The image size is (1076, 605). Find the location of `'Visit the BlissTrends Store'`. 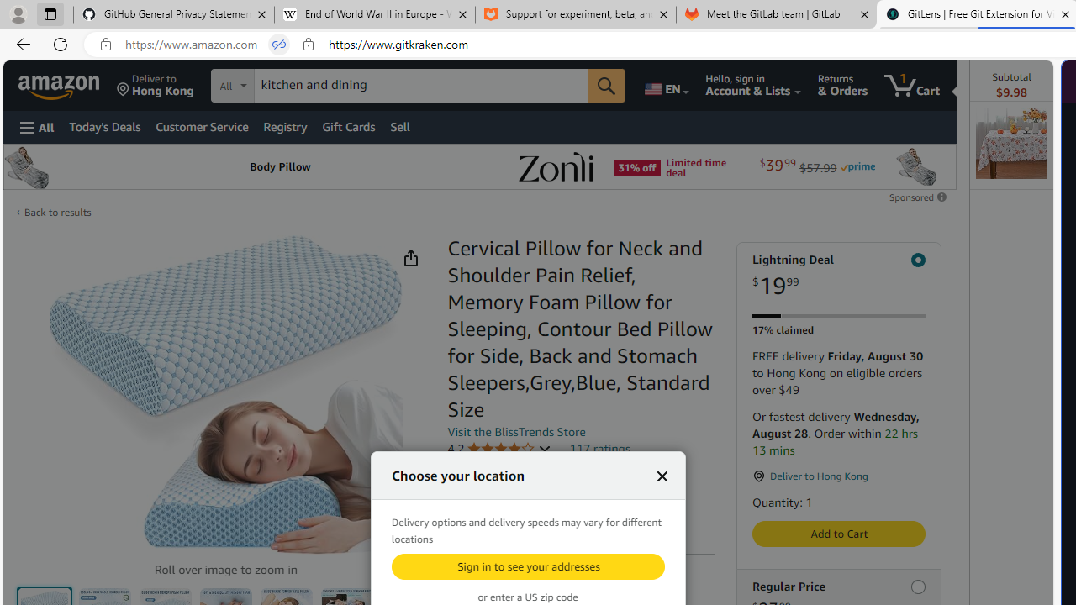

'Visit the BlissTrends Store' is located at coordinates (516, 430).